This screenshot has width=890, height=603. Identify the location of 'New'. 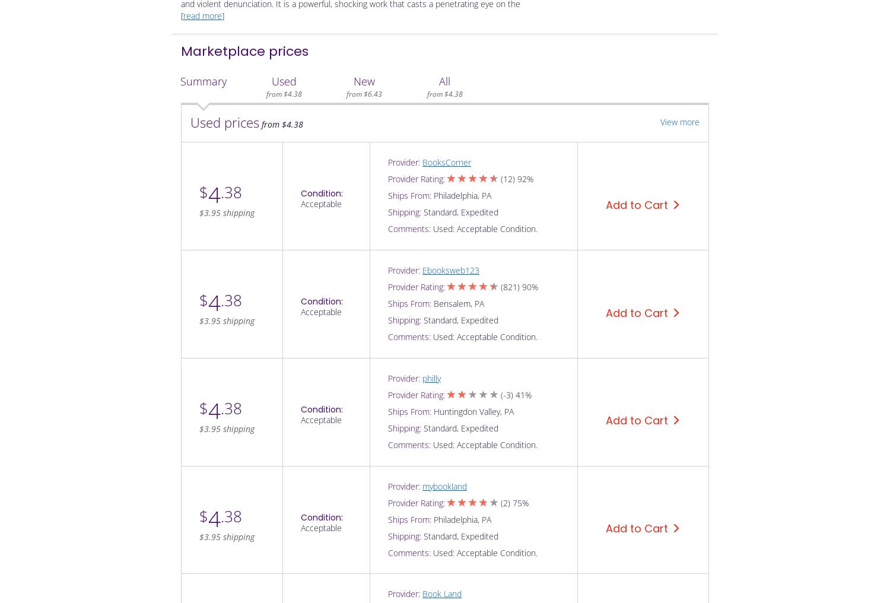
(363, 80).